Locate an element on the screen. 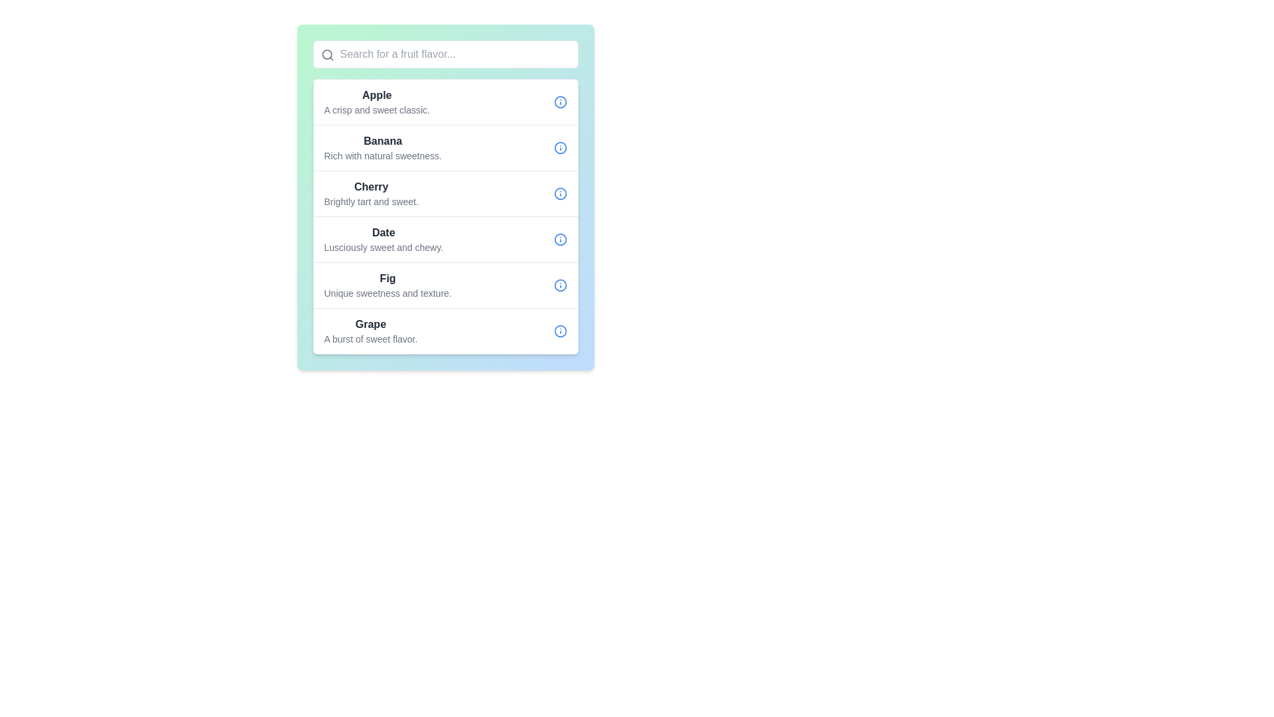 The width and height of the screenshot is (1274, 717). the textual description block that reads 'Cherry' and 'Brightly tart and sweet.' which is the third item in the vertical list of fruit options is located at coordinates (371, 194).